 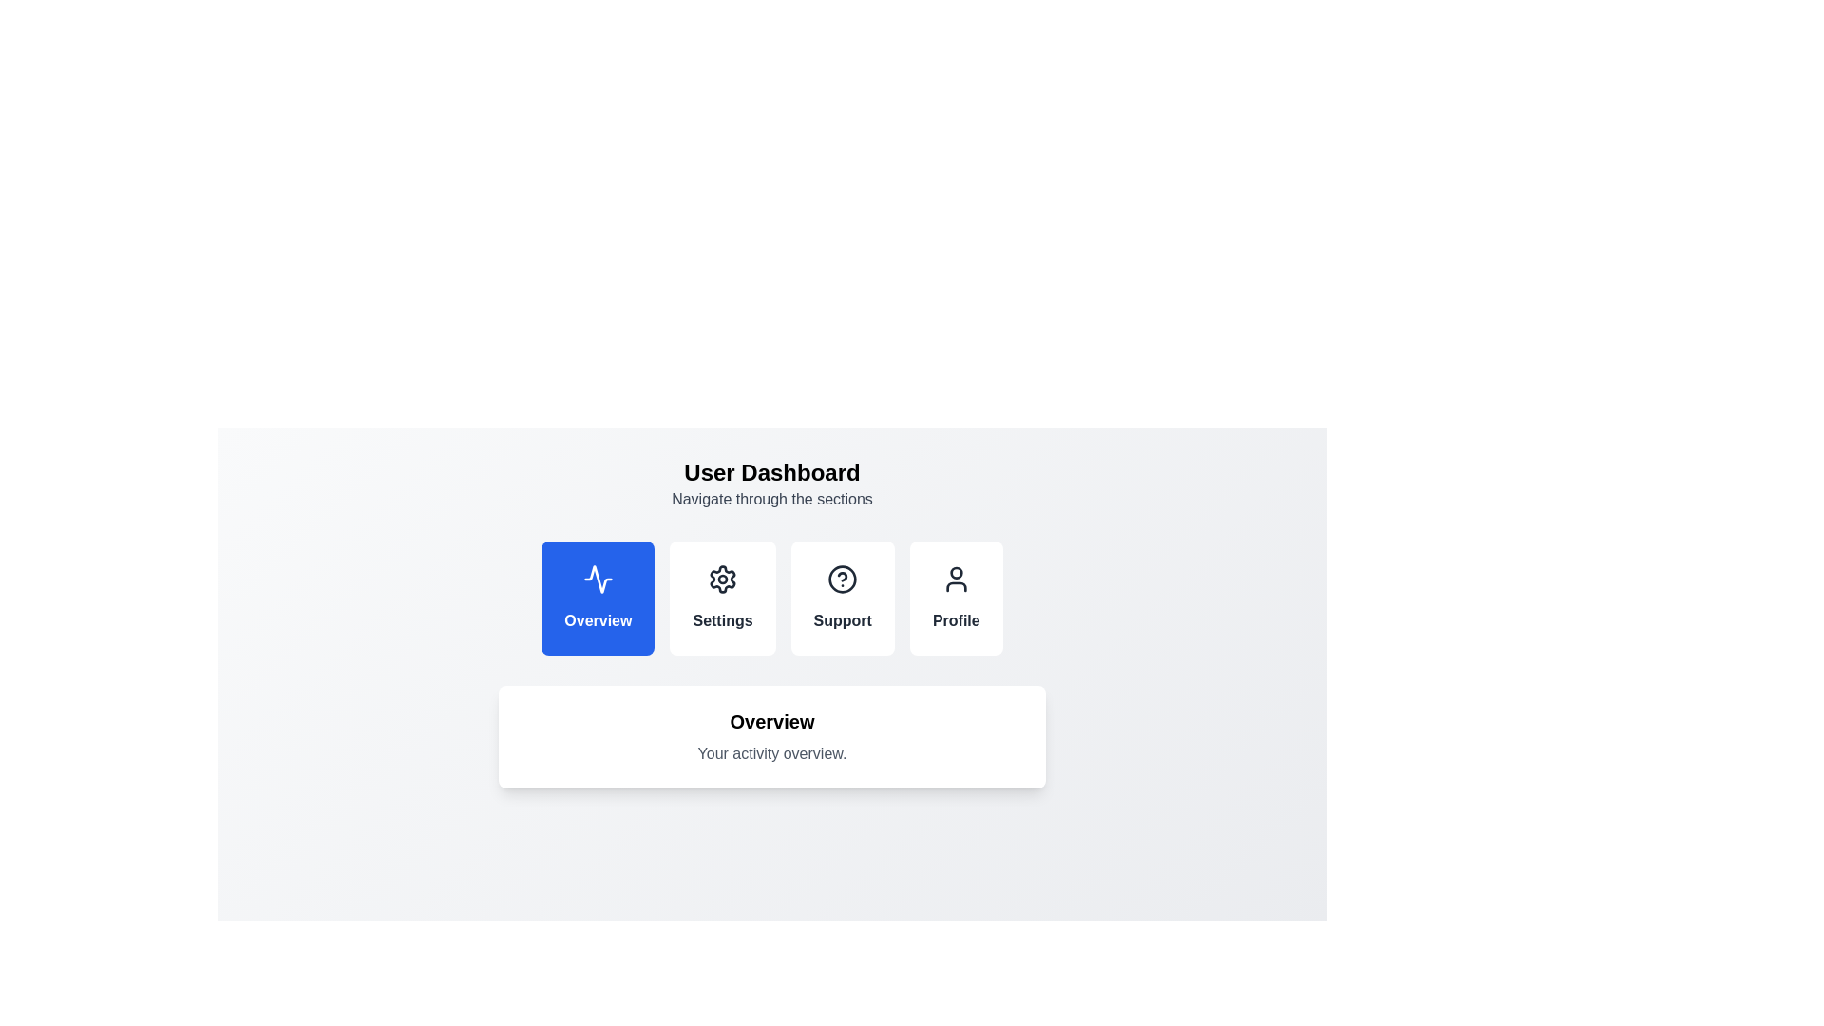 What do you see at coordinates (842, 597) in the screenshot?
I see `the 'Support' button, which is the third button from the left in a row of four buttons` at bounding box center [842, 597].